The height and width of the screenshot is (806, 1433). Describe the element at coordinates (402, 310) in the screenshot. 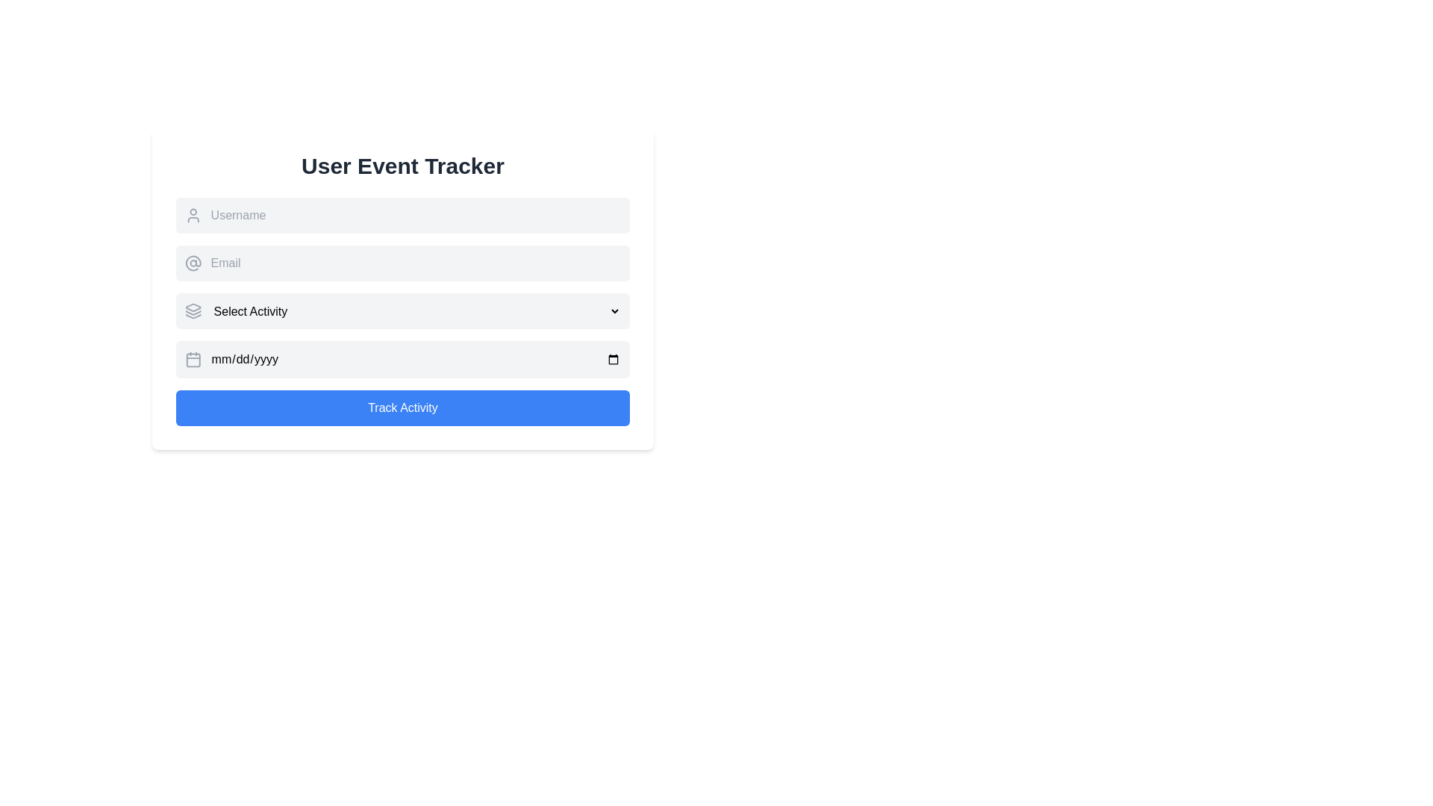

I see `the dropdown menu located third in sequence within the form area, positioned below the 'Email' field and above the 'Date' field` at that location.